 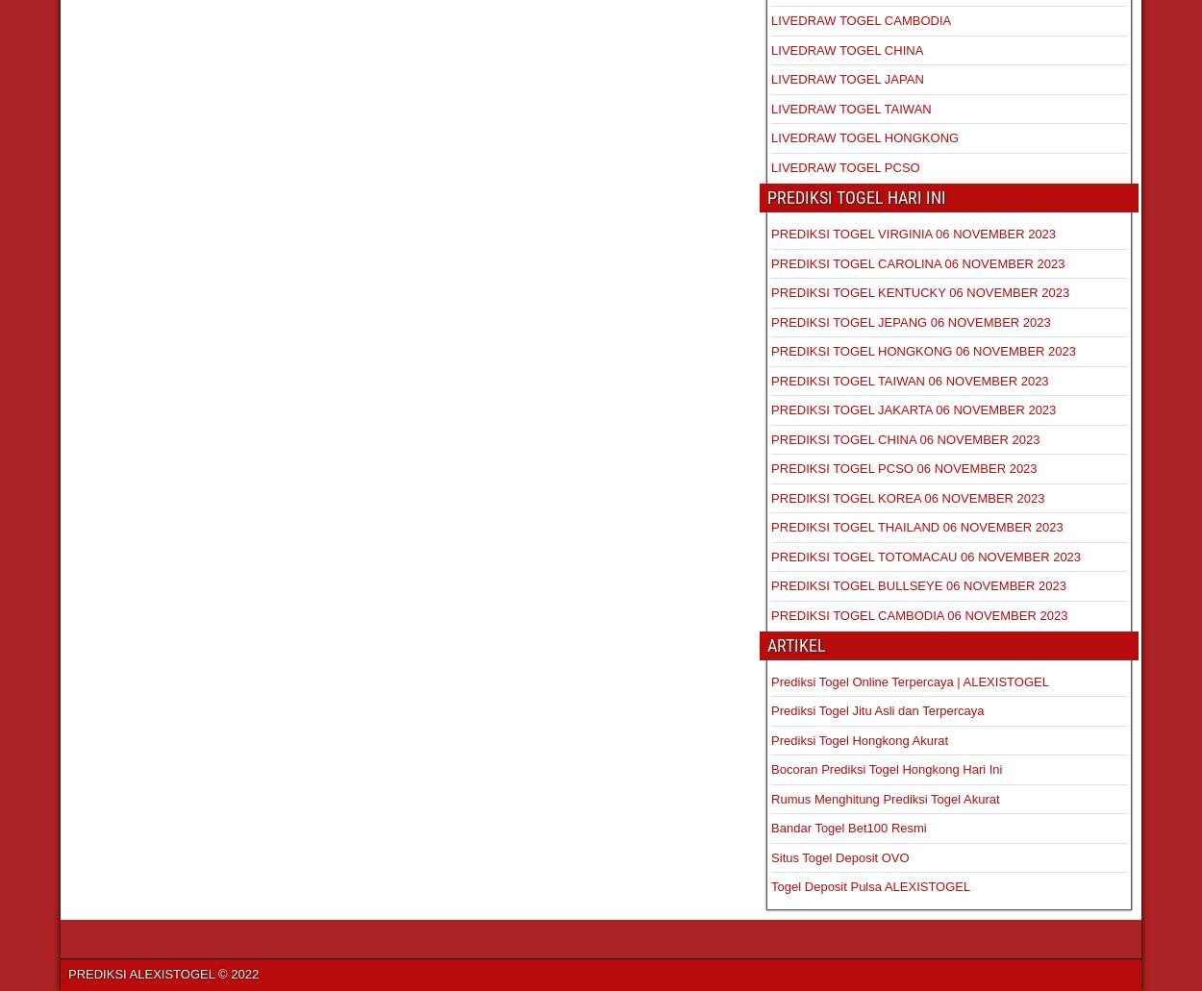 What do you see at coordinates (767, 645) in the screenshot?
I see `'ARTIKEL'` at bounding box center [767, 645].